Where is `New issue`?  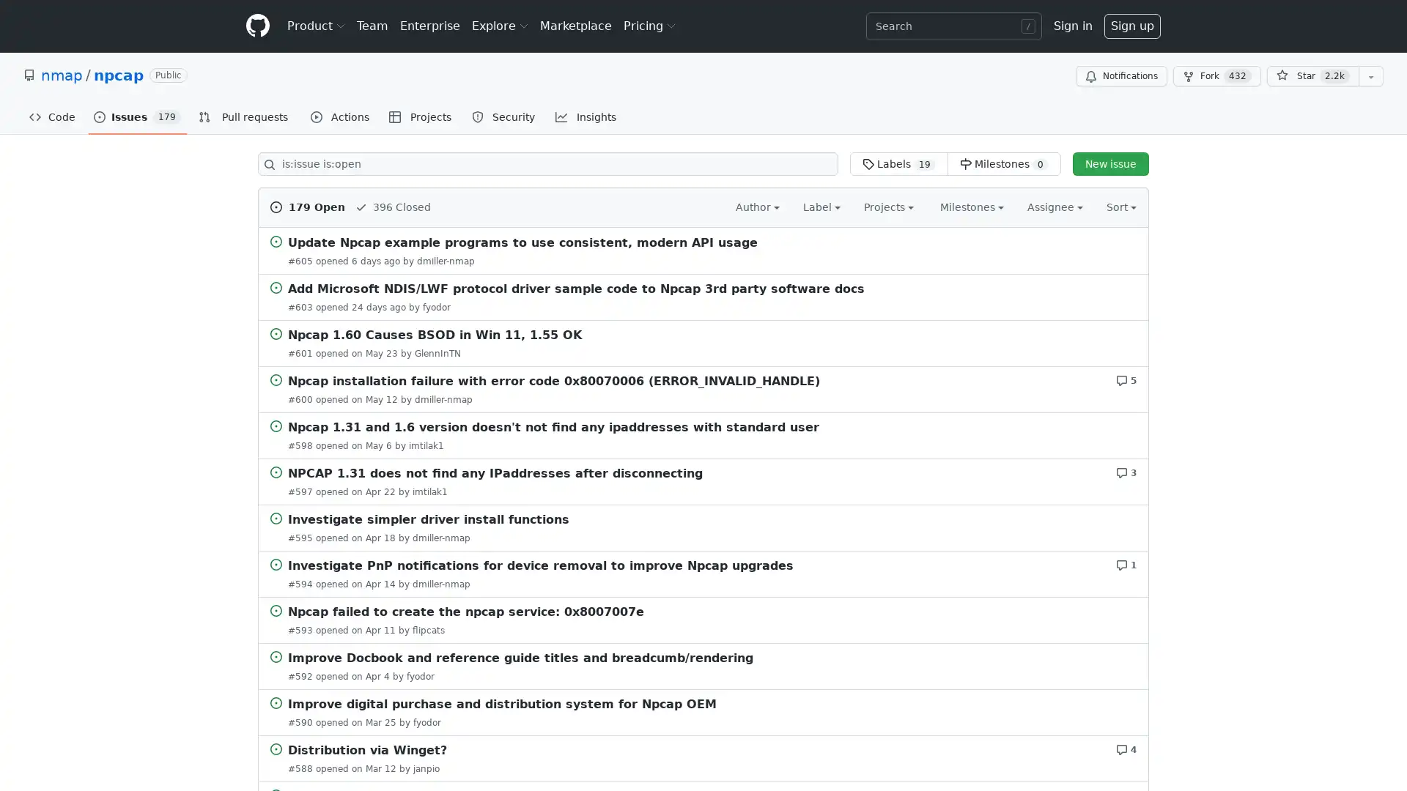
New issue is located at coordinates (1111, 163).